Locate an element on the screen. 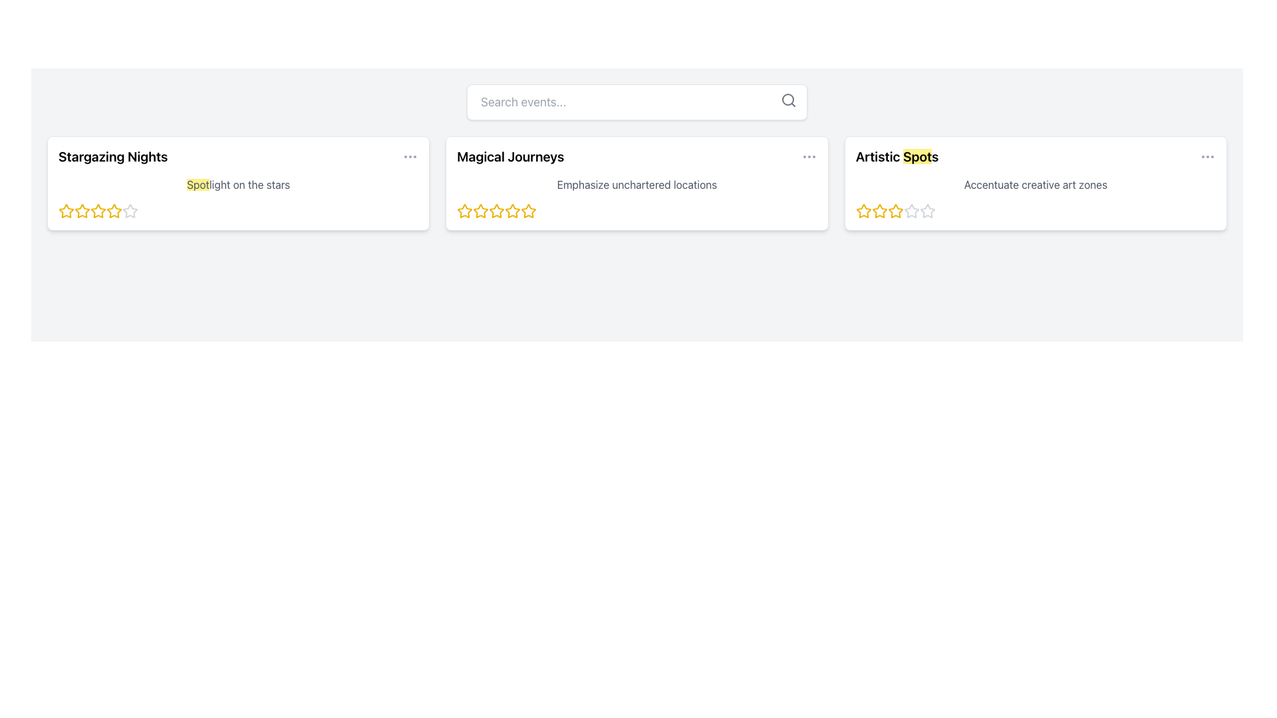 Image resolution: width=1277 pixels, height=718 pixels. the third yellow filled rating star in the 'Stargazing Nights' section is located at coordinates (98, 210).